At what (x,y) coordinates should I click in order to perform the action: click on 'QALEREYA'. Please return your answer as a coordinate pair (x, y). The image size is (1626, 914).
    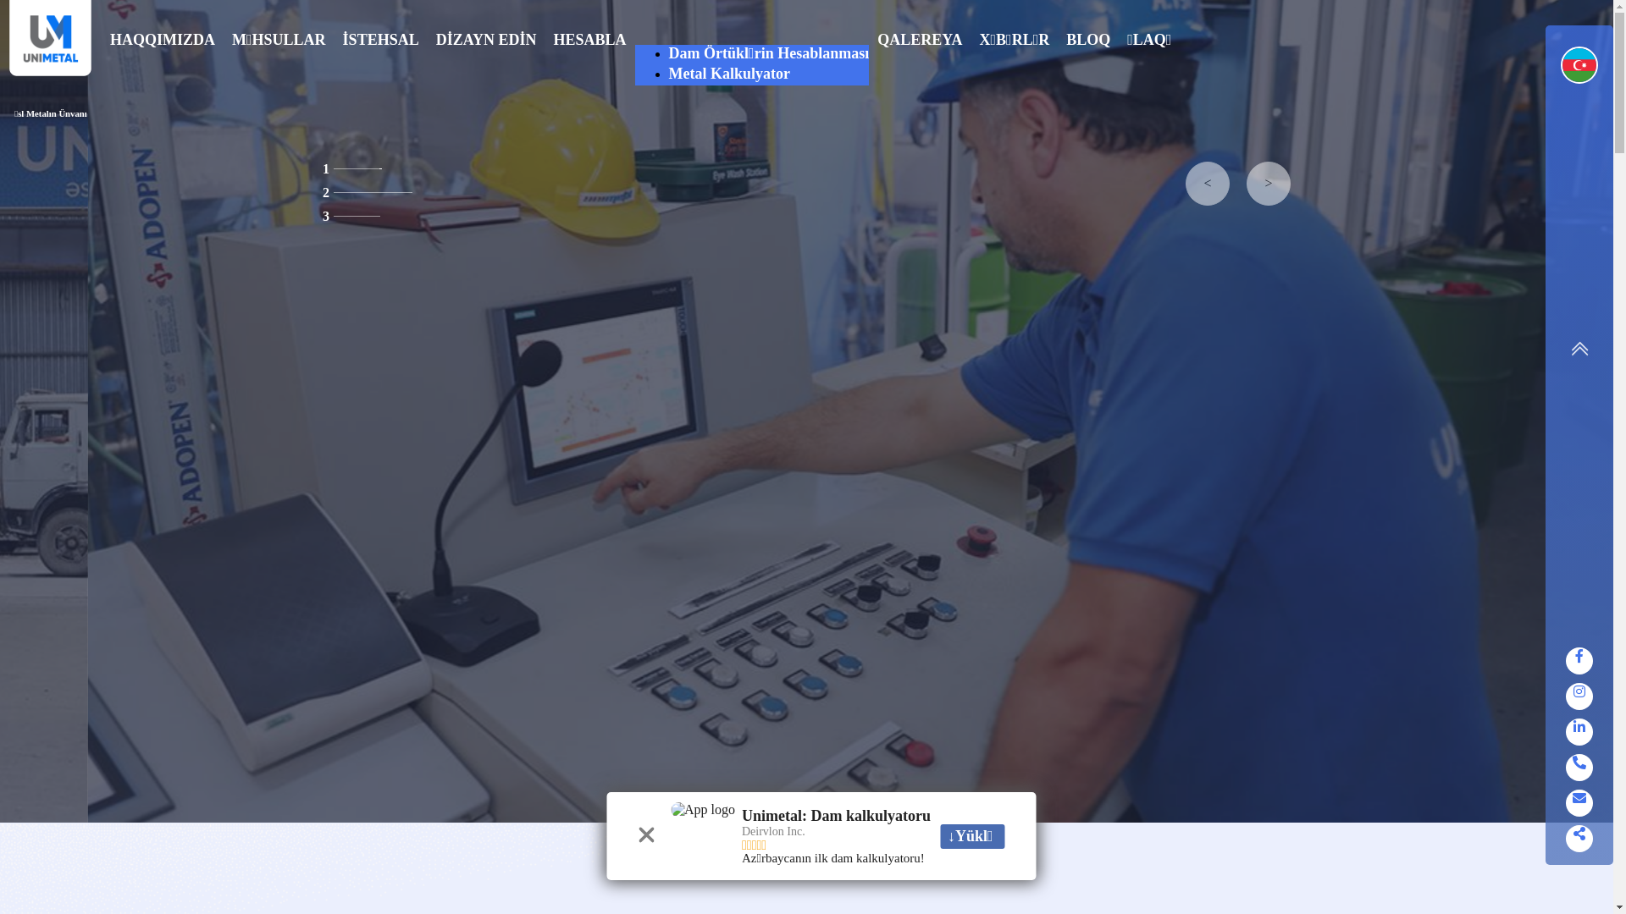
    Looking at the image, I should click on (918, 64).